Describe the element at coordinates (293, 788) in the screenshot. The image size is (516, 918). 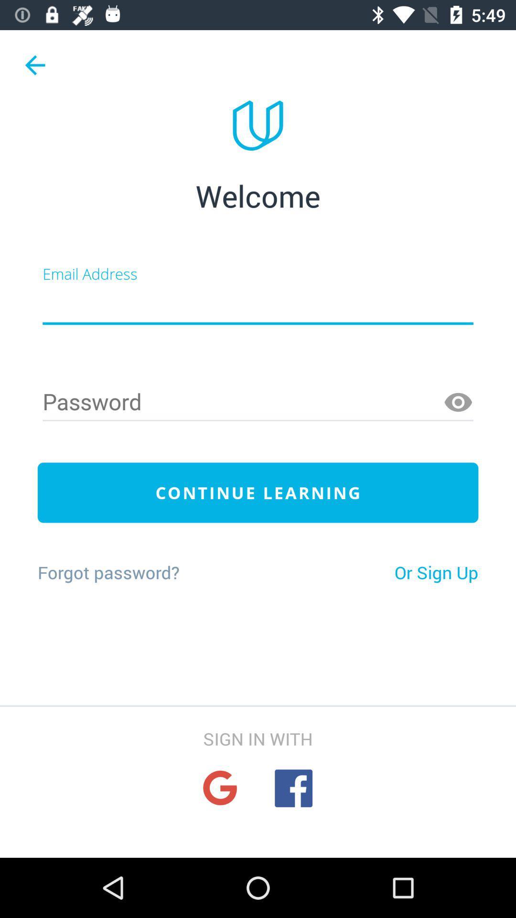
I see `sign in with facebook` at that location.